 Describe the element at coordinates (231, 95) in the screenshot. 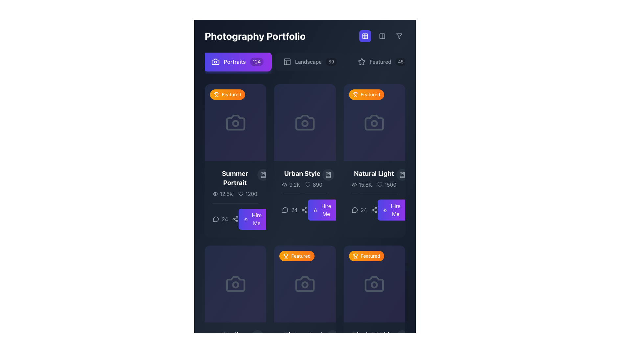

I see `the 'Featured' badge located at the top-left corner of the first card in a grid layout, which contains white text on an orange gradient background and a trophy icon` at that location.